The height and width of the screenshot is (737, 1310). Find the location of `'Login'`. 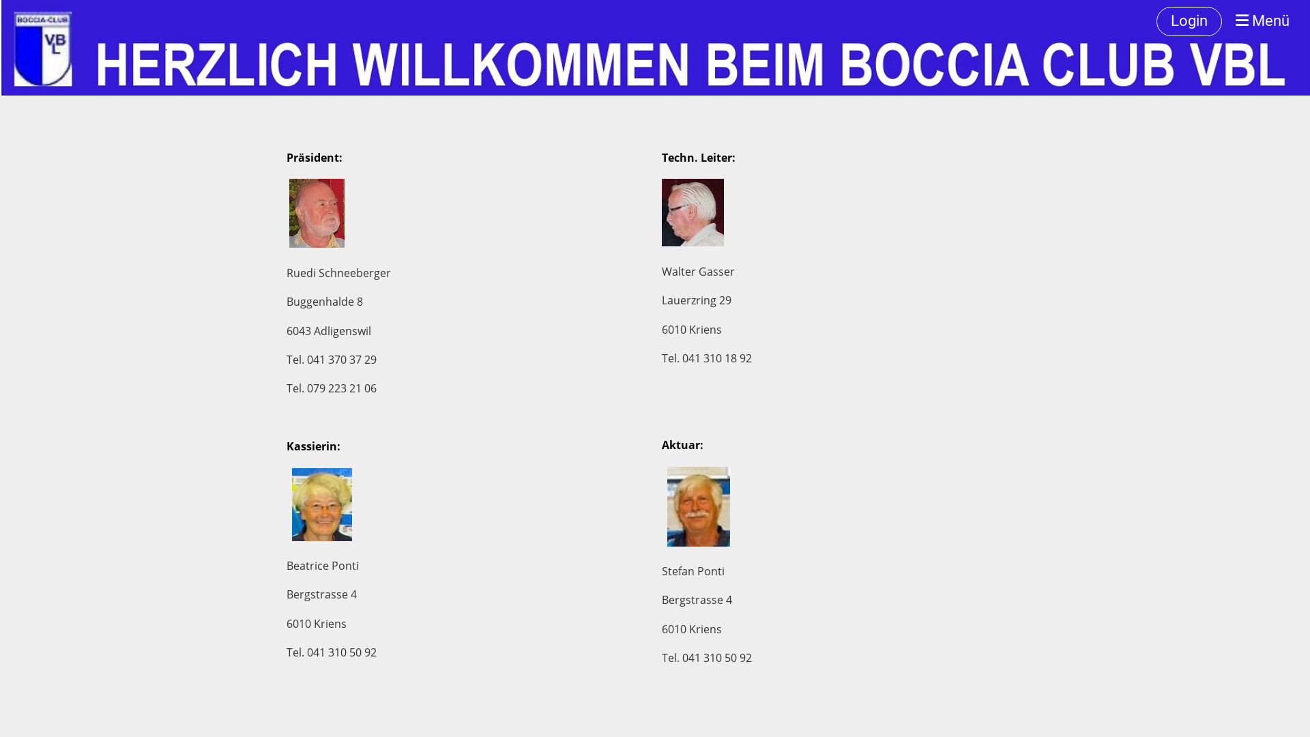

'Login' is located at coordinates (1188, 21).